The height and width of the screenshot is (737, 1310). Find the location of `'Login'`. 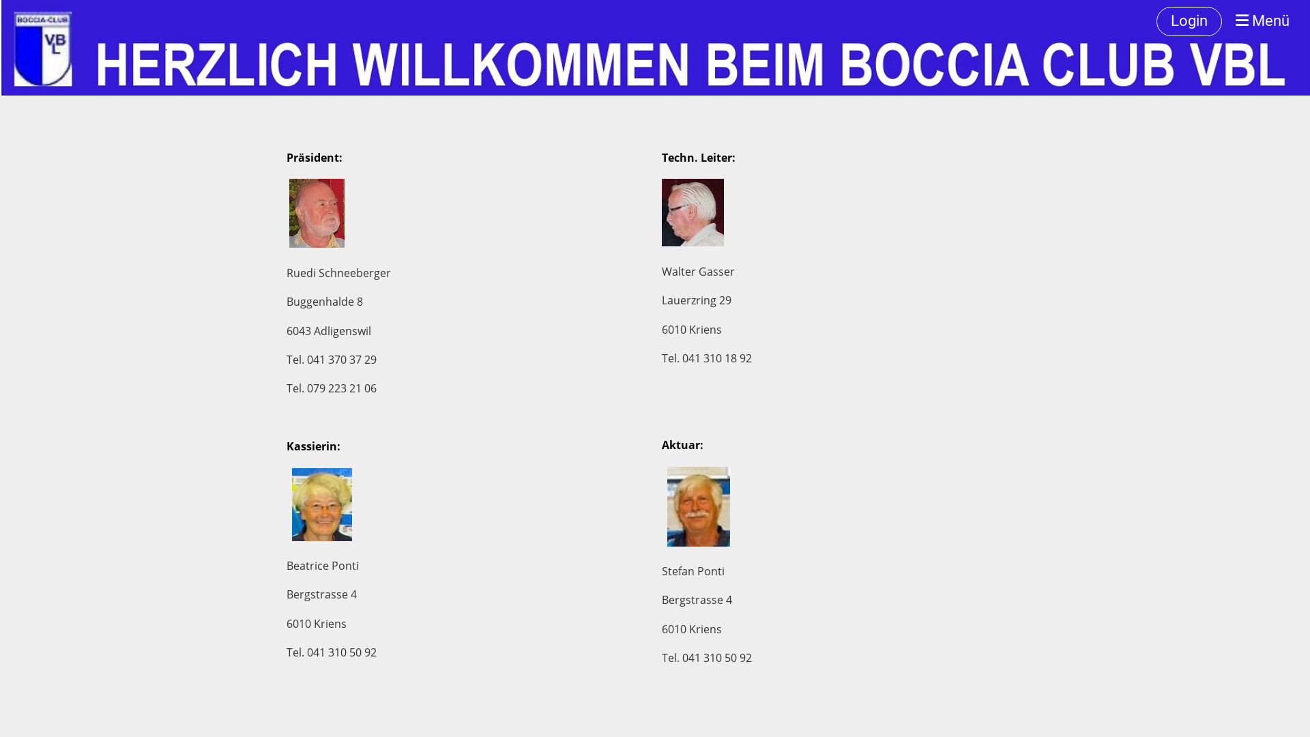

'Login' is located at coordinates (1188, 21).